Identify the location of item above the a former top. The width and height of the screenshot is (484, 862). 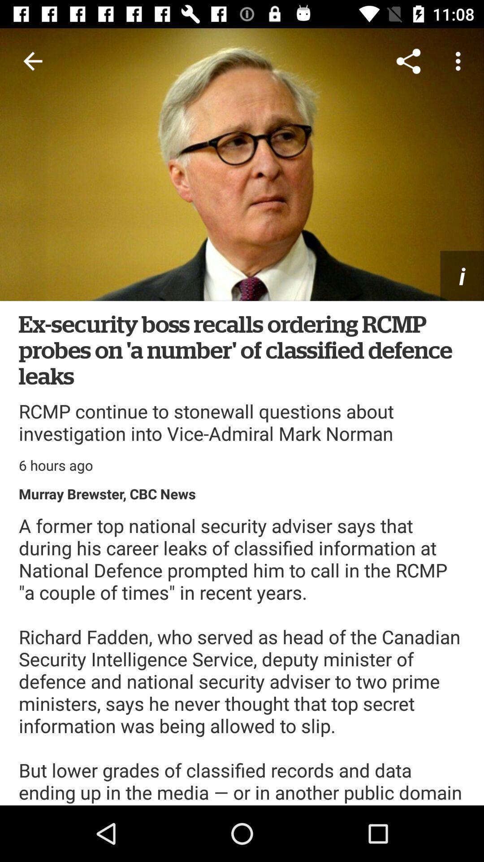
(107, 493).